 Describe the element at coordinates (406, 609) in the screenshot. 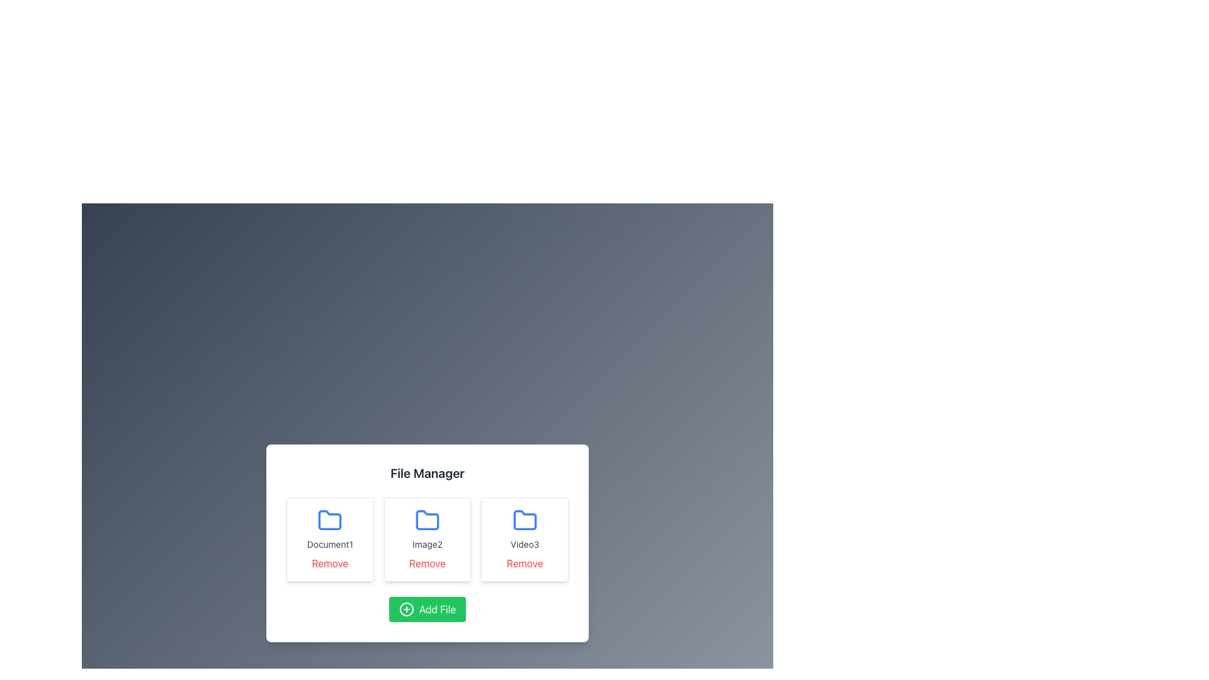

I see `the circular '+' icon with a green background located to the left of the 'Add File' text in the green button at the bottom center of the File Manager interface to initiate the associated action` at that location.